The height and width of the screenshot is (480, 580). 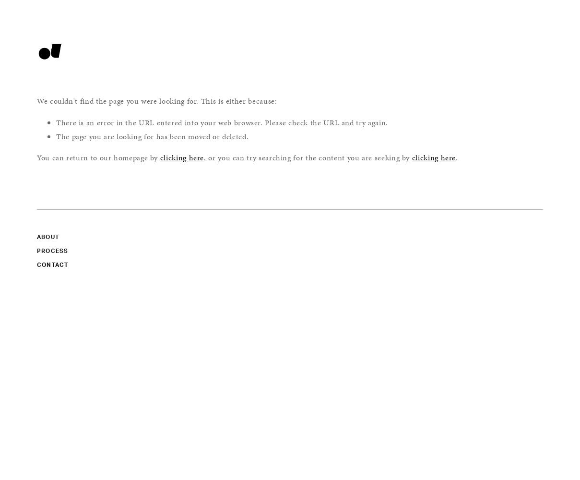 What do you see at coordinates (222, 122) in the screenshot?
I see `'There is an error in the URL entered into your web browser. Please check the URL and try again.'` at bounding box center [222, 122].